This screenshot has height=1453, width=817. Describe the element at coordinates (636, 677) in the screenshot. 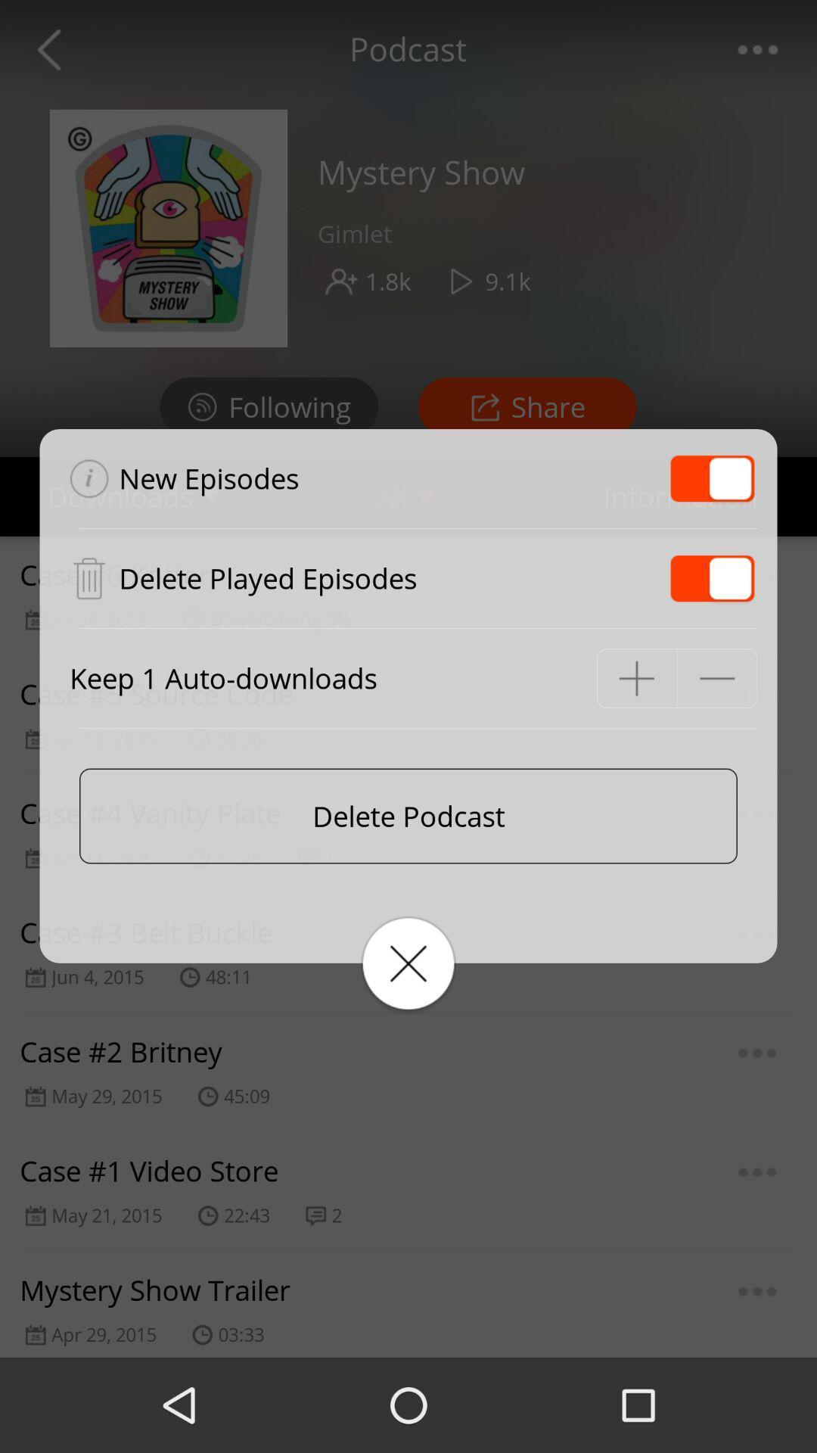

I see `to the number of auto-downloads` at that location.